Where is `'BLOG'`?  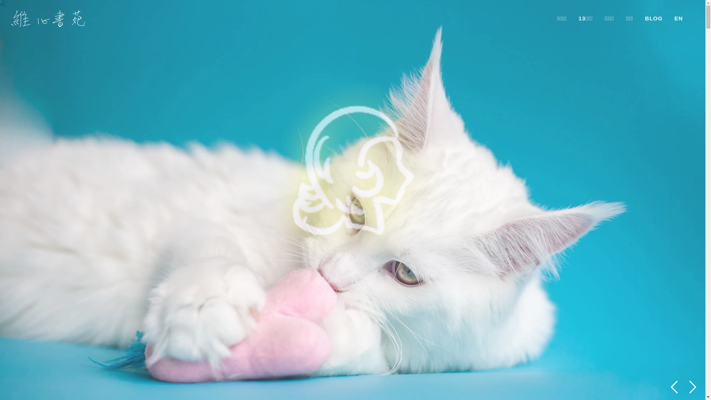
'BLOG' is located at coordinates (654, 18).